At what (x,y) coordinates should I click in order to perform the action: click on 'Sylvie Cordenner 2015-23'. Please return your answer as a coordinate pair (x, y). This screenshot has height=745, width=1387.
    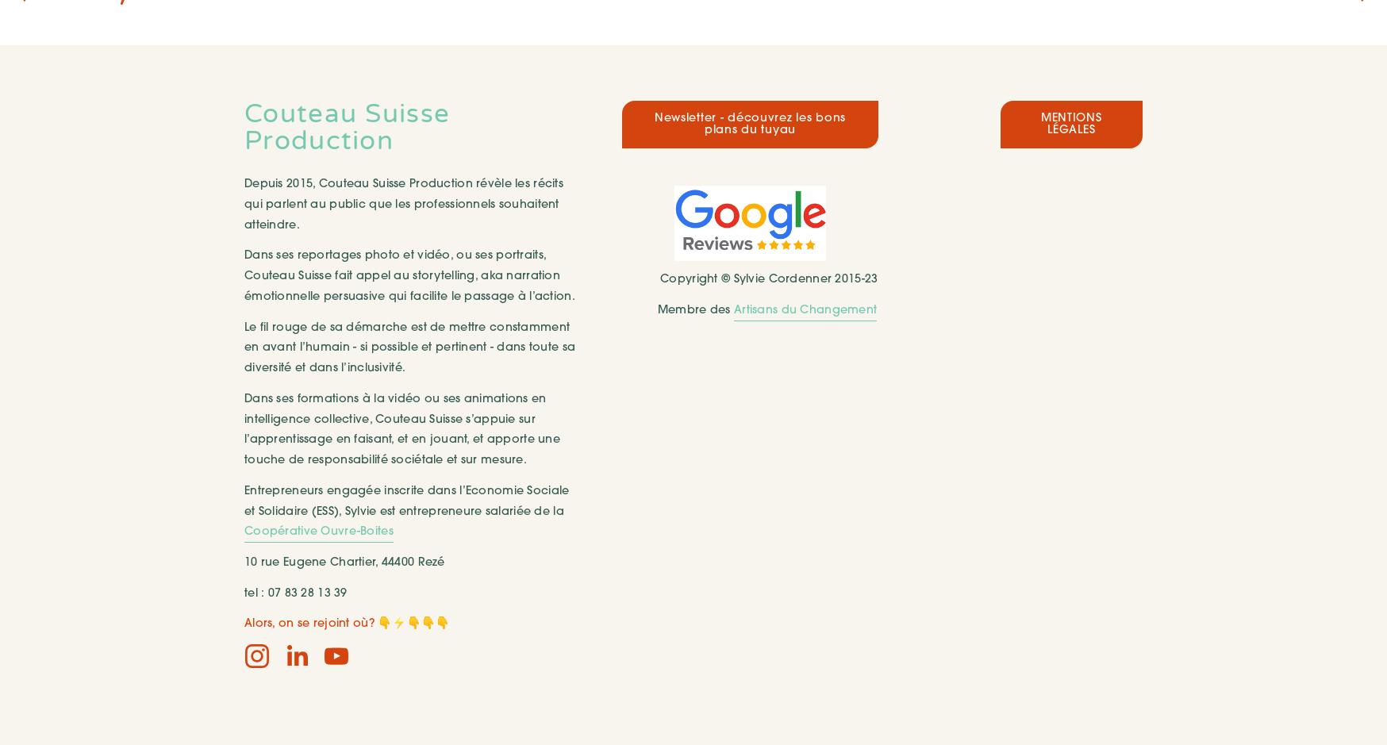
    Looking at the image, I should click on (805, 278).